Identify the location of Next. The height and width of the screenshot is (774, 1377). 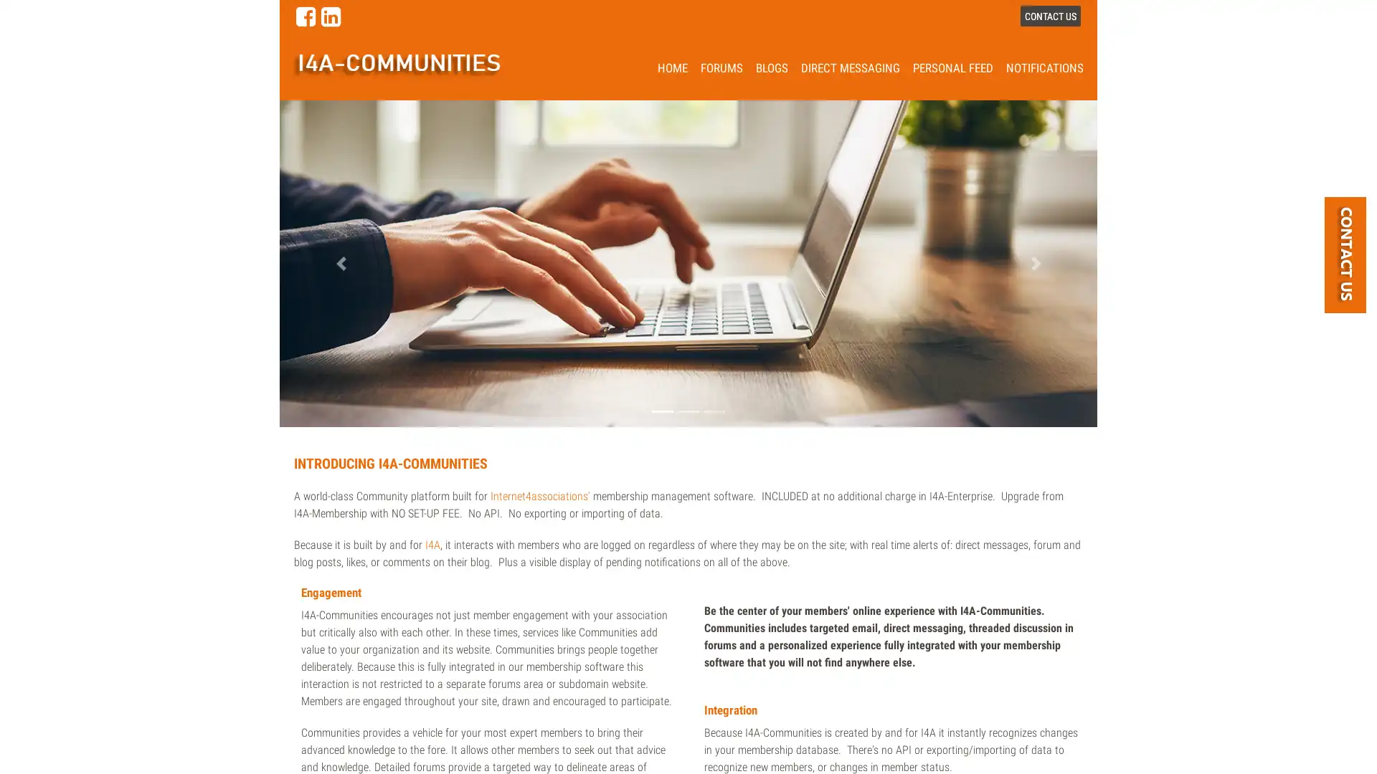
(1036, 263).